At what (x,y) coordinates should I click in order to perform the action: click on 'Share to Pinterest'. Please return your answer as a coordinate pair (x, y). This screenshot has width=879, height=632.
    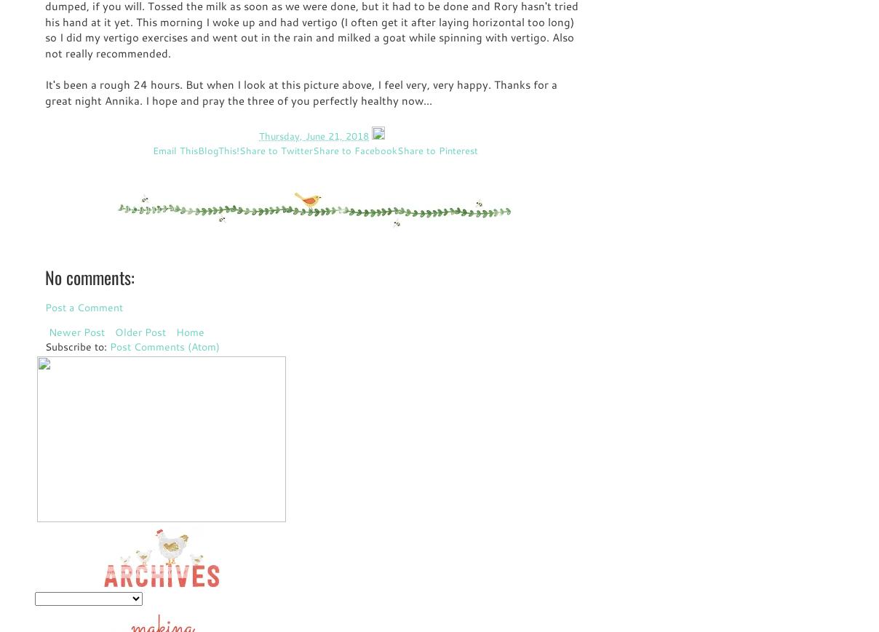
    Looking at the image, I should click on (437, 149).